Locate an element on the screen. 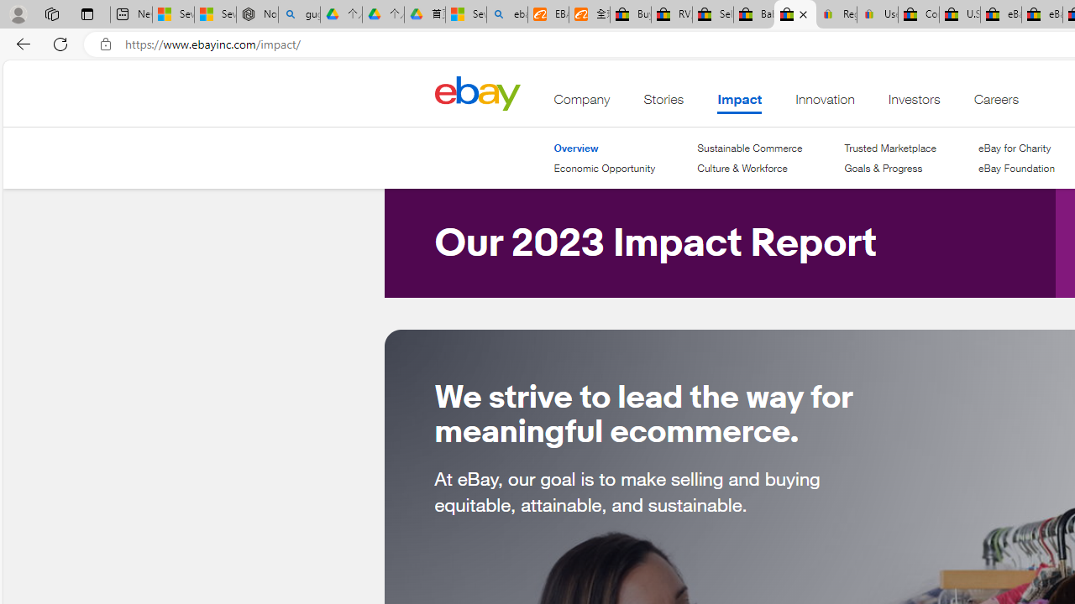 The image size is (1075, 604). 'eBay Foundation' is located at coordinates (1015, 168).